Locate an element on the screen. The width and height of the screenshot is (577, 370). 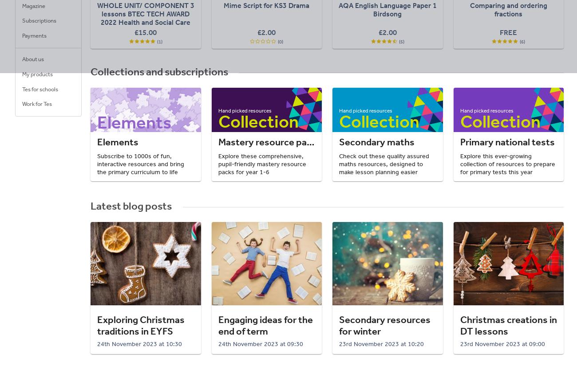
'Secondary resources for winter' is located at coordinates (384, 325).